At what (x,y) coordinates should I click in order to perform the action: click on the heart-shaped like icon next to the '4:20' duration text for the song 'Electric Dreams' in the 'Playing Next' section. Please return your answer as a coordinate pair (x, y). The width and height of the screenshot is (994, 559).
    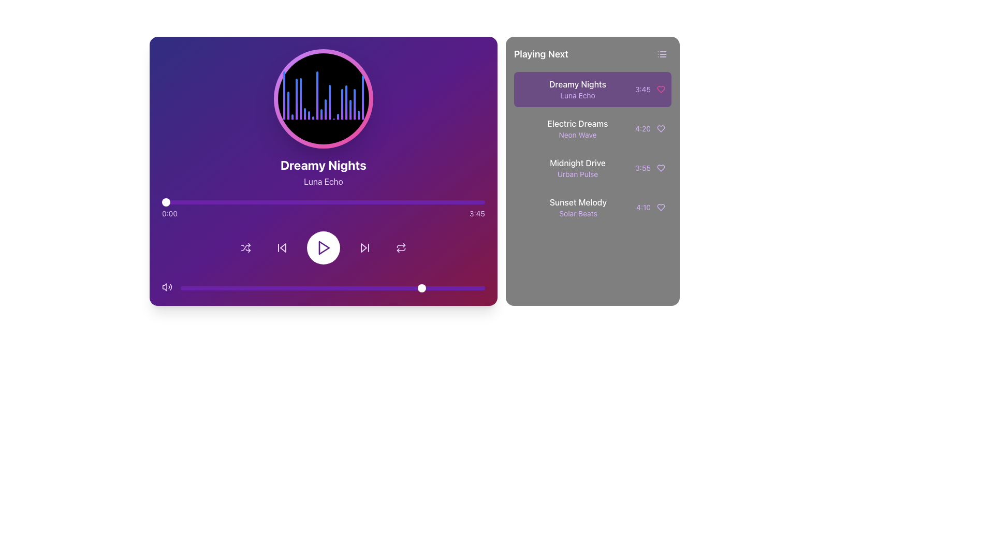
    Looking at the image, I should click on (660, 128).